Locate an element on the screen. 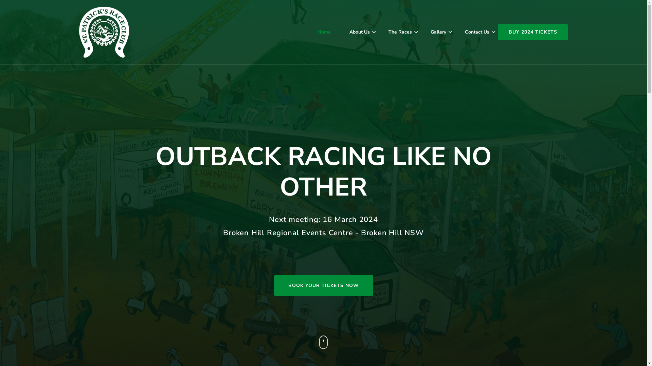 The width and height of the screenshot is (652, 366). 'BUY 2024 TICKETS' is located at coordinates (532, 32).